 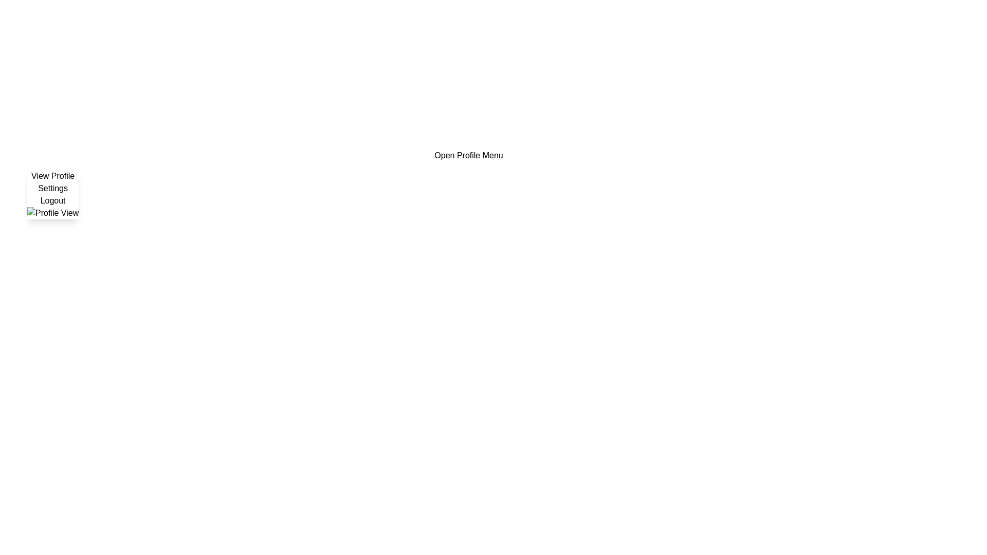 What do you see at coordinates (52, 188) in the screenshot?
I see `the Text Label that serves as a navigation link for accessing the settings interface, located between 'View Profile' and 'Logout'` at bounding box center [52, 188].